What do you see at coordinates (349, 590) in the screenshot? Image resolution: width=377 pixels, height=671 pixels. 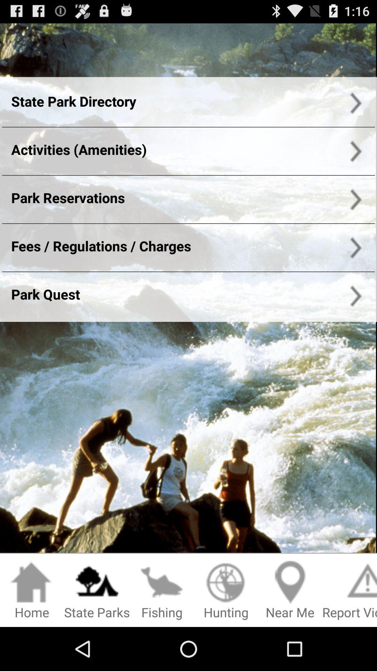 I see `the icon right to the text near me` at bounding box center [349, 590].